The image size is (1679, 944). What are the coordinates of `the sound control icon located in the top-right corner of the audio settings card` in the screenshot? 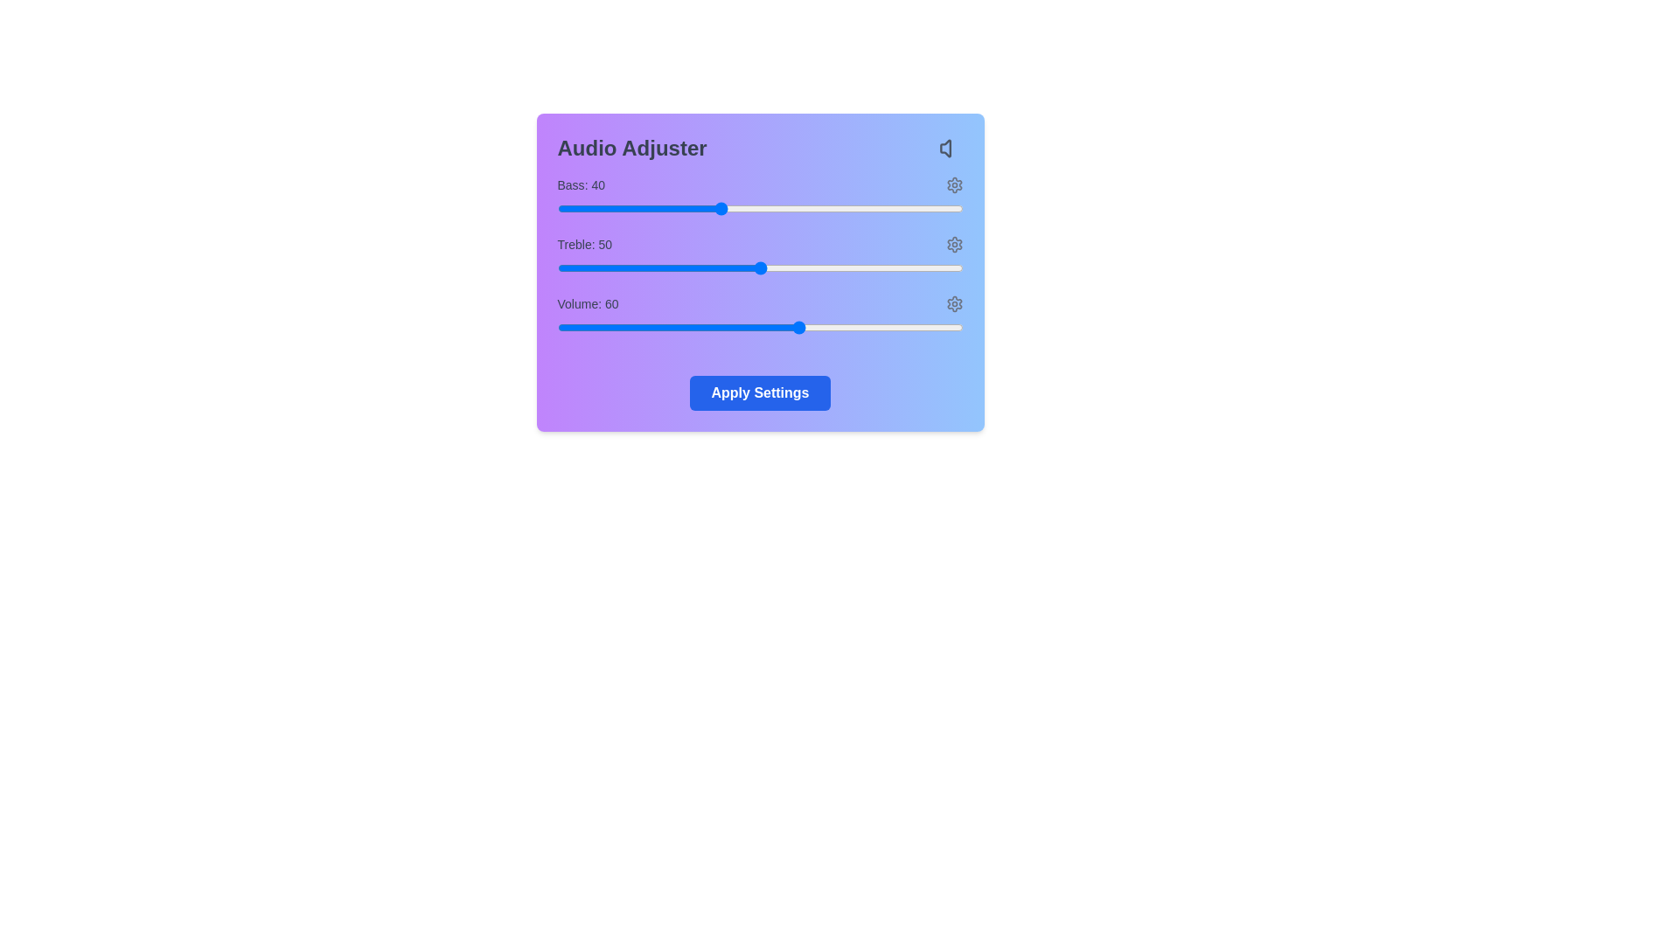 It's located at (944, 147).